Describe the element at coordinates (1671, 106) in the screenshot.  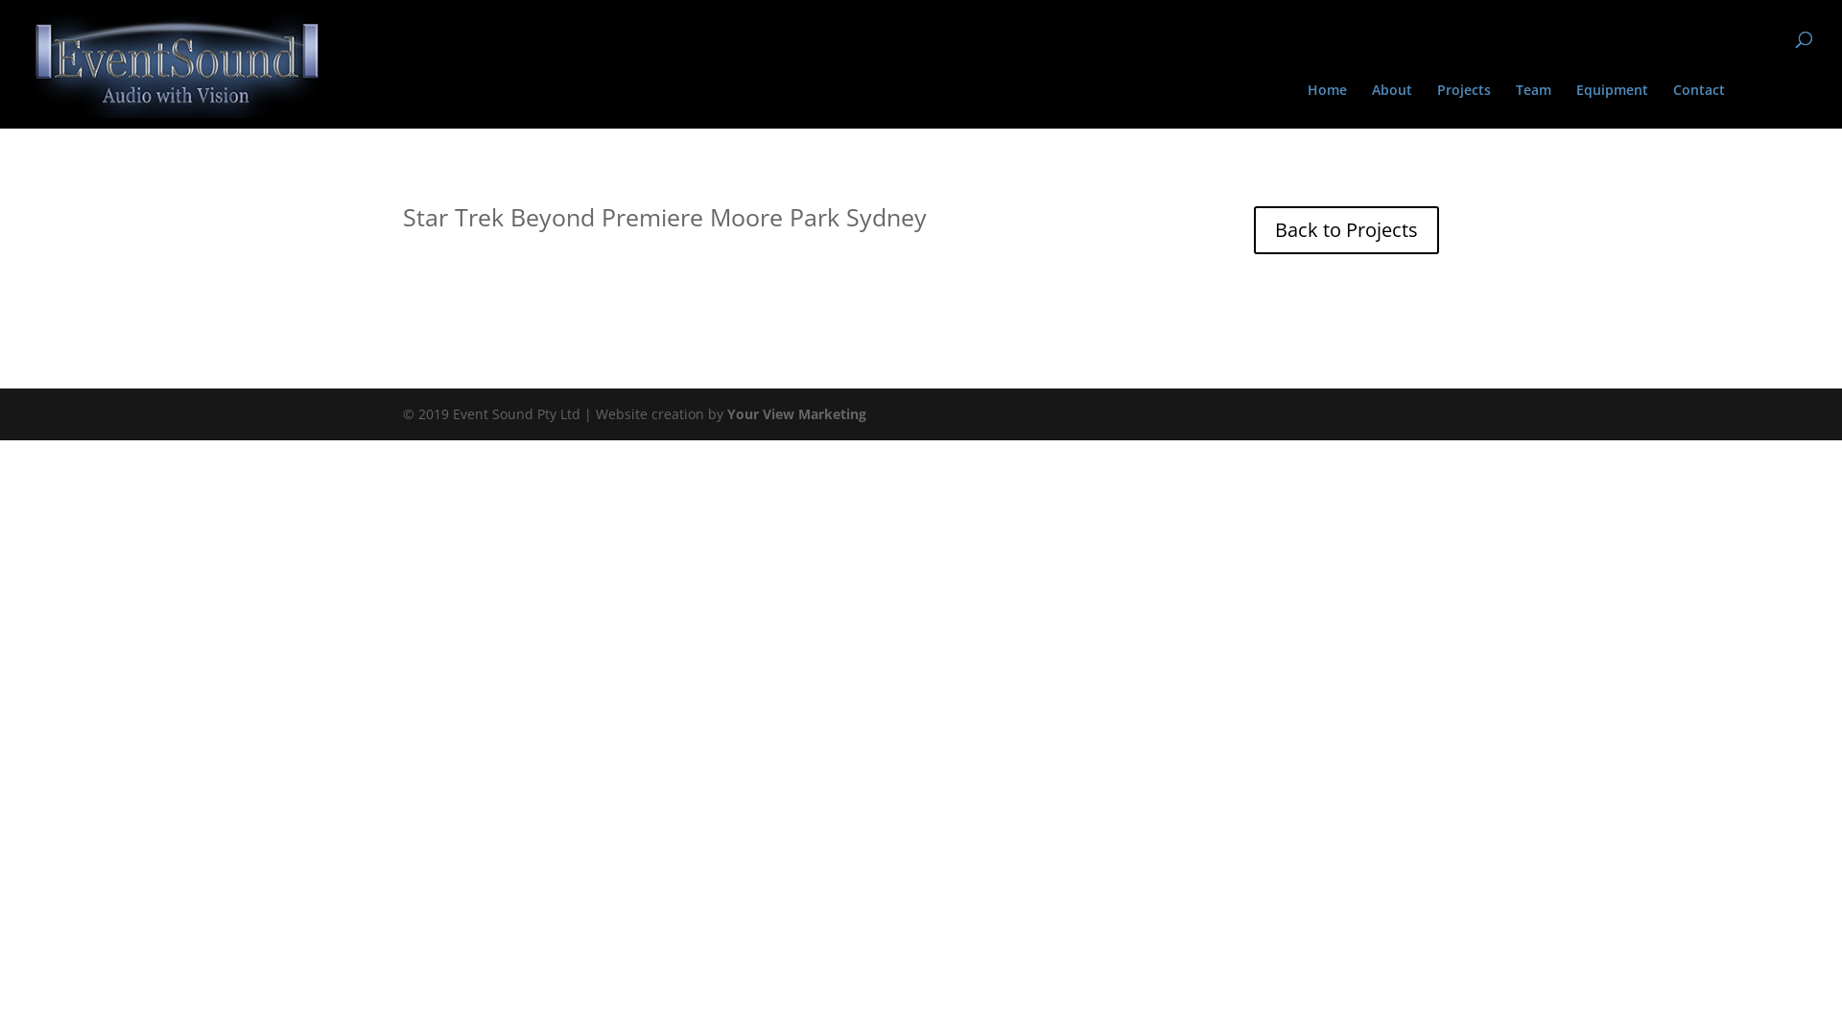
I see `'Contact'` at that location.